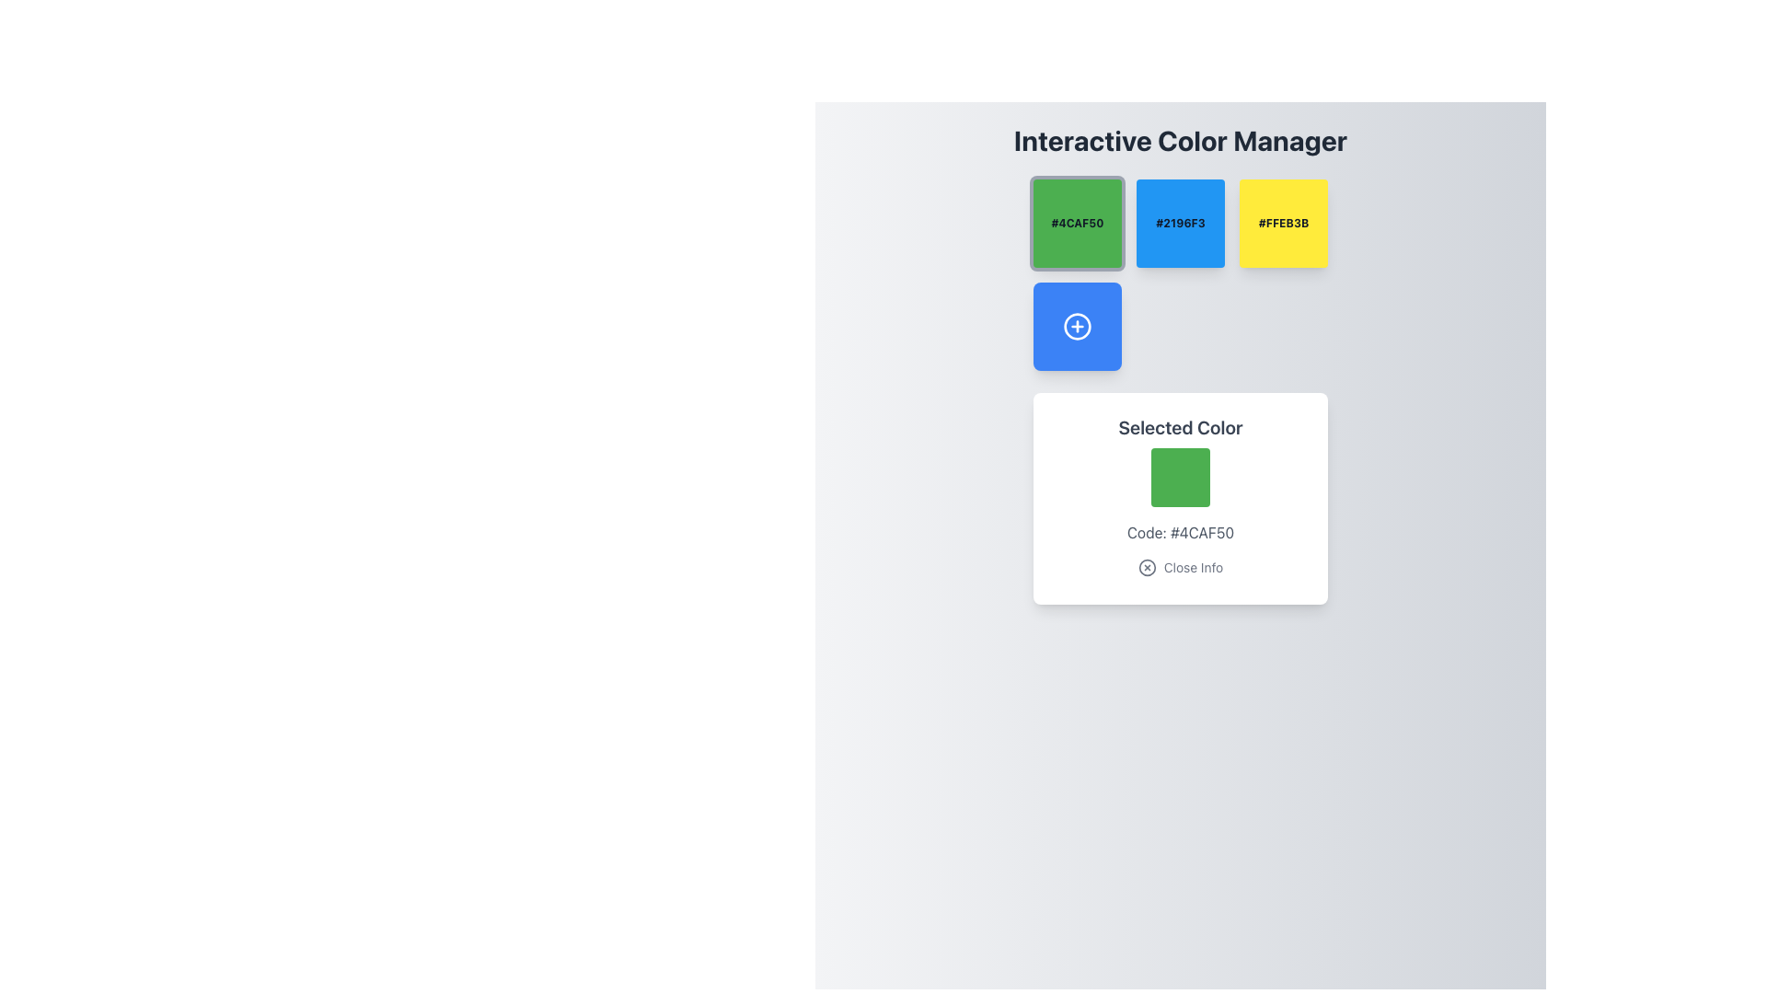 This screenshot has width=1767, height=994. What do you see at coordinates (1078, 223) in the screenshot?
I see `text displayed in the text label '#4CAF50' located in the first row, first column of the grid layout in the 'Interactive Color Manager' interface, which is centered in a green rectangular box` at bounding box center [1078, 223].